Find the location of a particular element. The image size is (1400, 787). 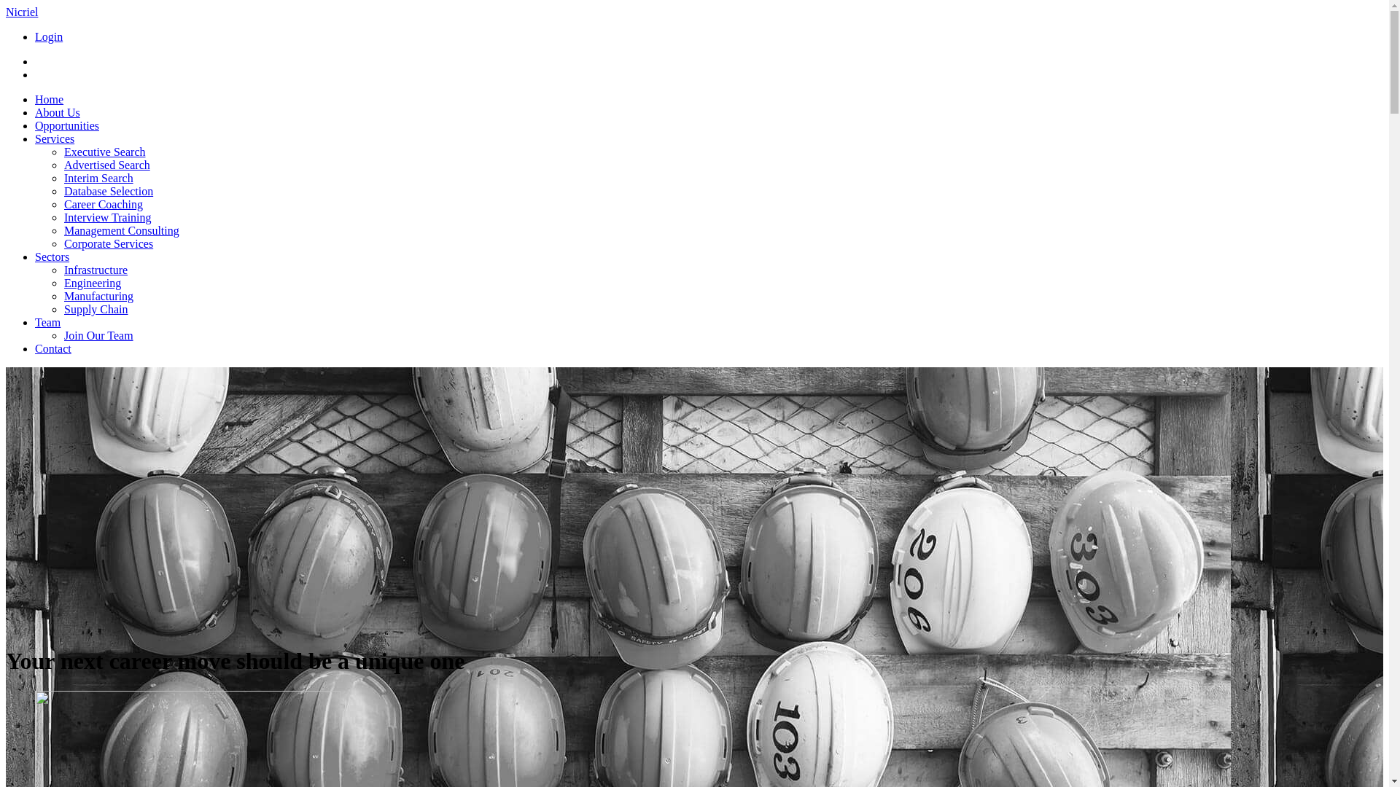

'Interim Search' is located at coordinates (98, 177).